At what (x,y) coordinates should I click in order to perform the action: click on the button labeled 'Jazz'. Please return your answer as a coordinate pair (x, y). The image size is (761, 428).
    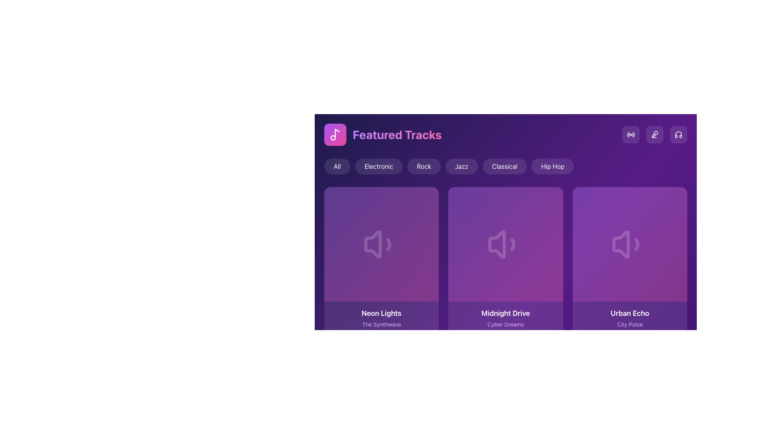
    Looking at the image, I should click on (461, 166).